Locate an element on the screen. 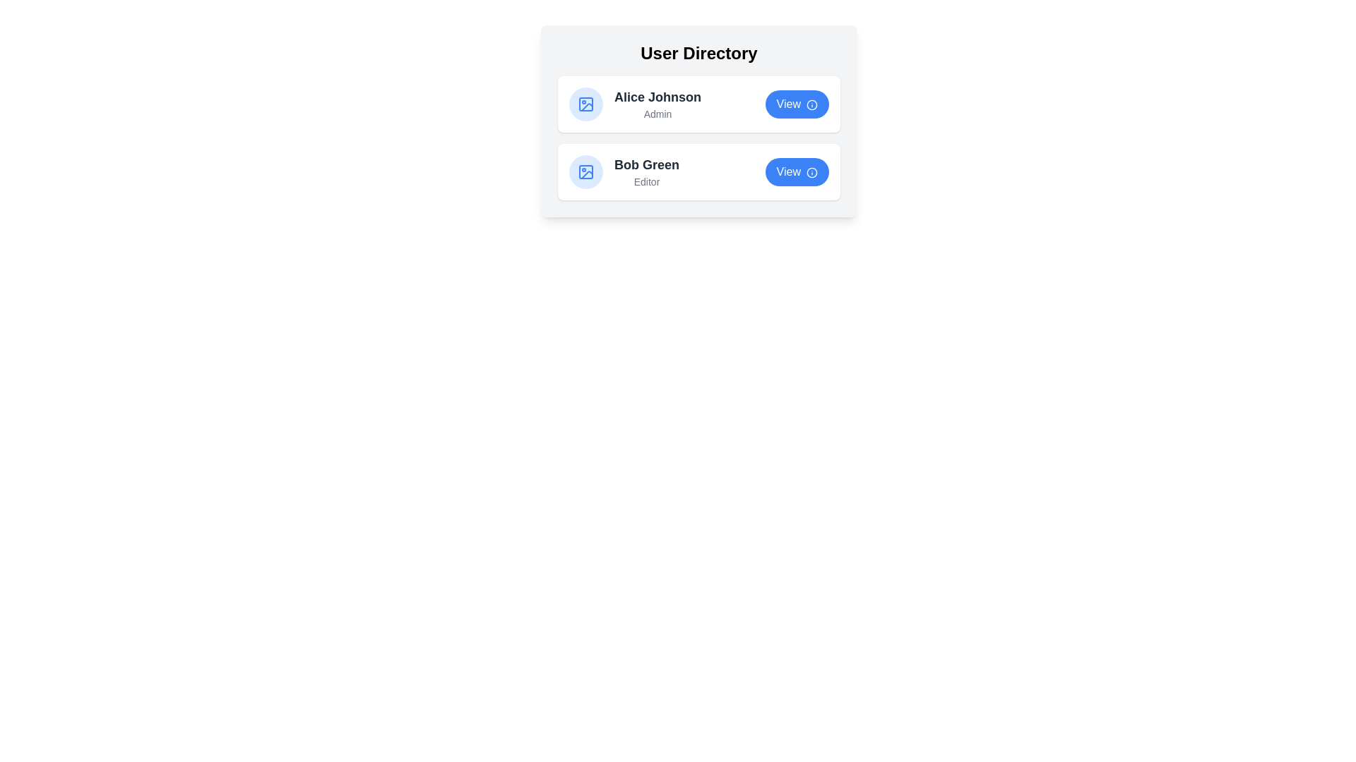  the user name or role for Alice Johnson is located at coordinates (657, 97).